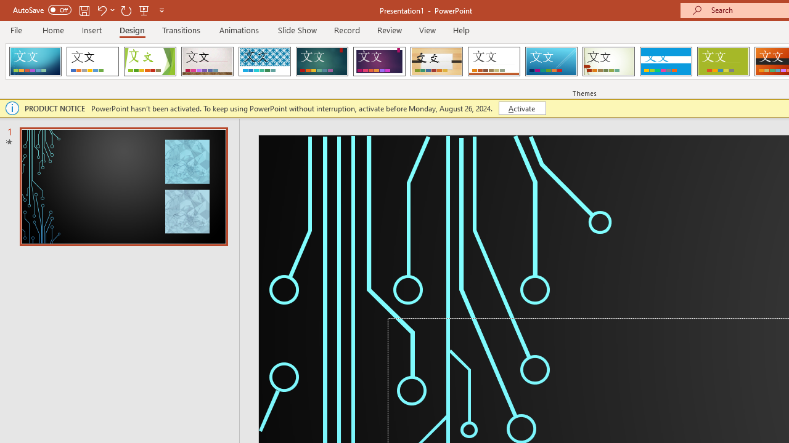 The image size is (789, 443). Describe the element at coordinates (665, 62) in the screenshot. I see `'Banded'` at that location.